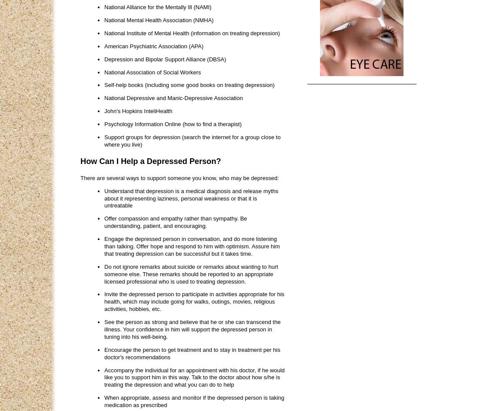  I want to click on 'Offer compassion and empathy rather than sympathy. Be understanding, patient, and encouraging.', so click(175, 221).